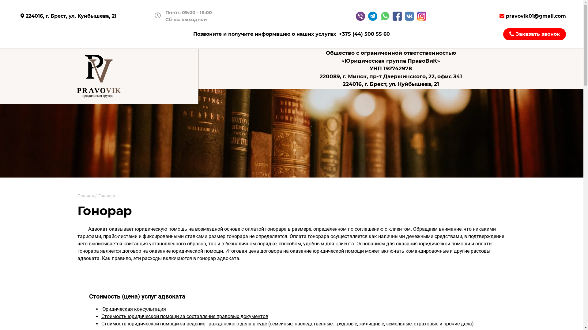 This screenshot has width=588, height=330. What do you see at coordinates (364, 34) in the screenshot?
I see `'+375 (44) 500 55 60'` at bounding box center [364, 34].